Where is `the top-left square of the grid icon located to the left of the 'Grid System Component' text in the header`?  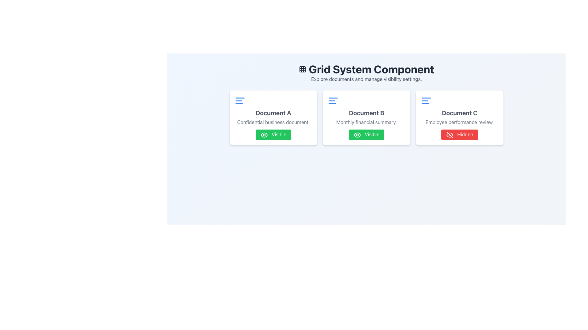 the top-left square of the grid icon located to the left of the 'Grid System Component' text in the header is located at coordinates (303, 69).